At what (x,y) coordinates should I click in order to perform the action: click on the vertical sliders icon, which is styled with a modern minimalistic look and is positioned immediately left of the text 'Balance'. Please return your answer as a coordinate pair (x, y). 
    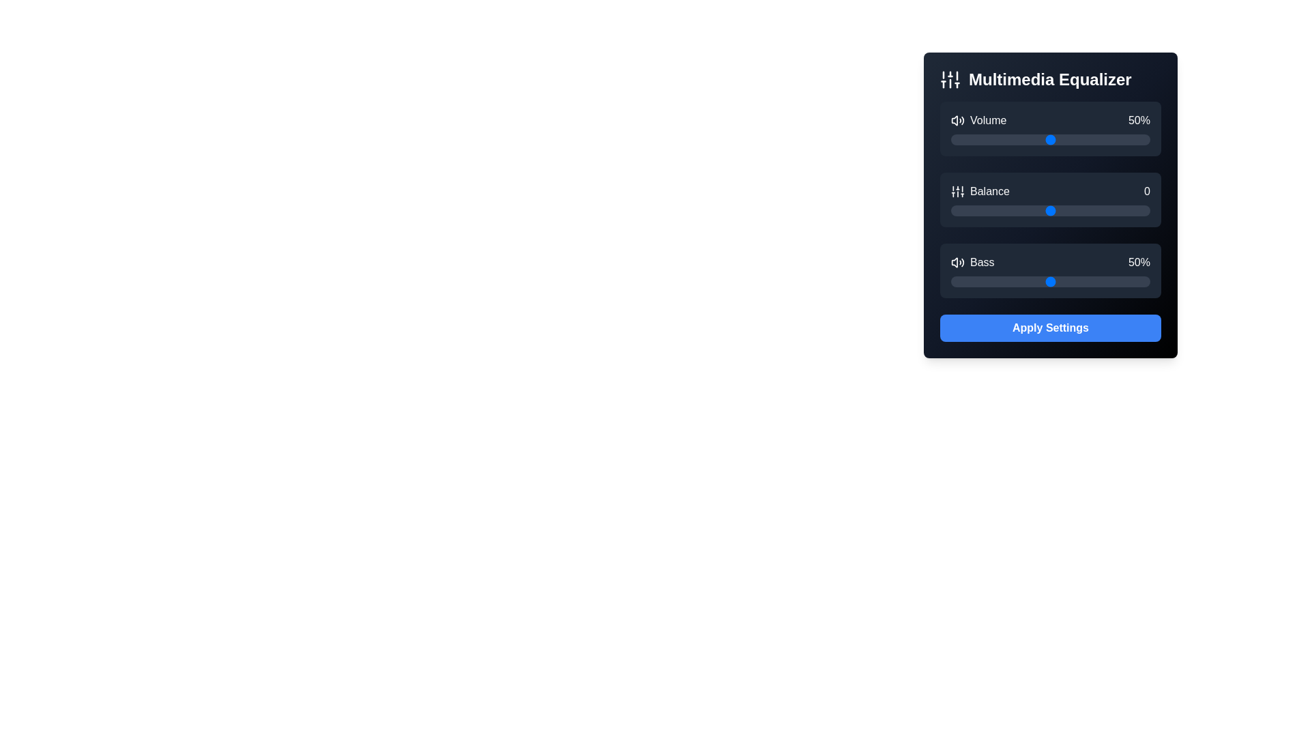
    Looking at the image, I should click on (957, 192).